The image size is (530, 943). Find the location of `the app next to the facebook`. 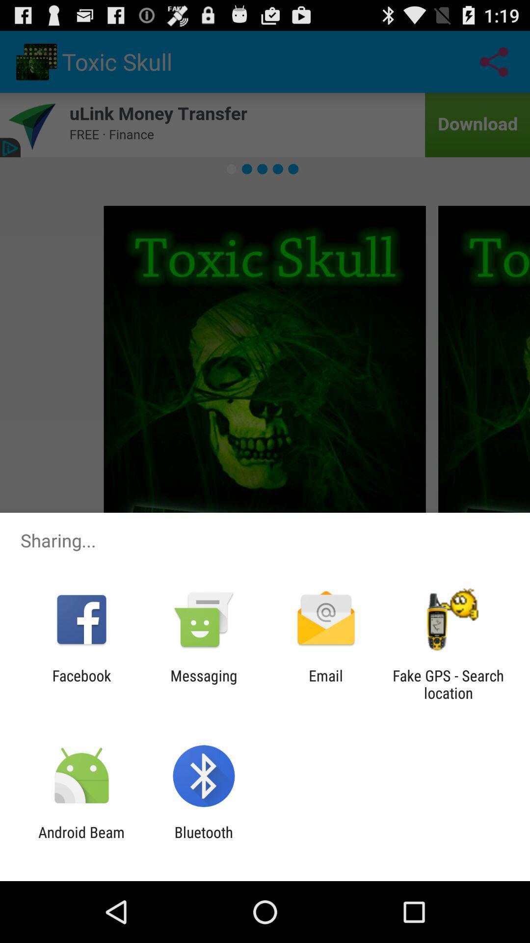

the app next to the facebook is located at coordinates (203, 684).